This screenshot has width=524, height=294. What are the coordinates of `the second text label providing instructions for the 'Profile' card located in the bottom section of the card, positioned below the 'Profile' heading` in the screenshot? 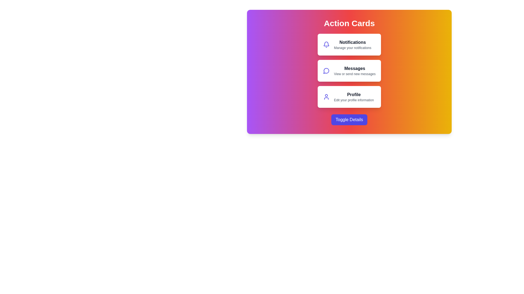 It's located at (354, 100).